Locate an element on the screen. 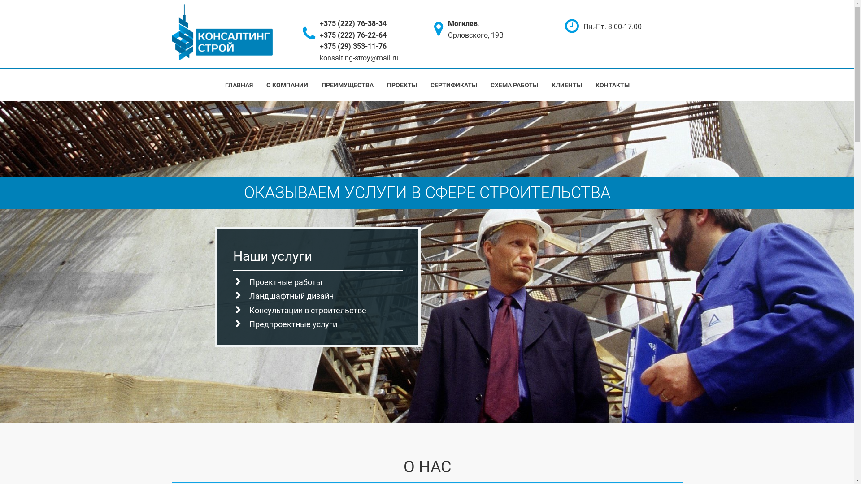  'konsalting-stroy@mail.ru' is located at coordinates (359, 58).